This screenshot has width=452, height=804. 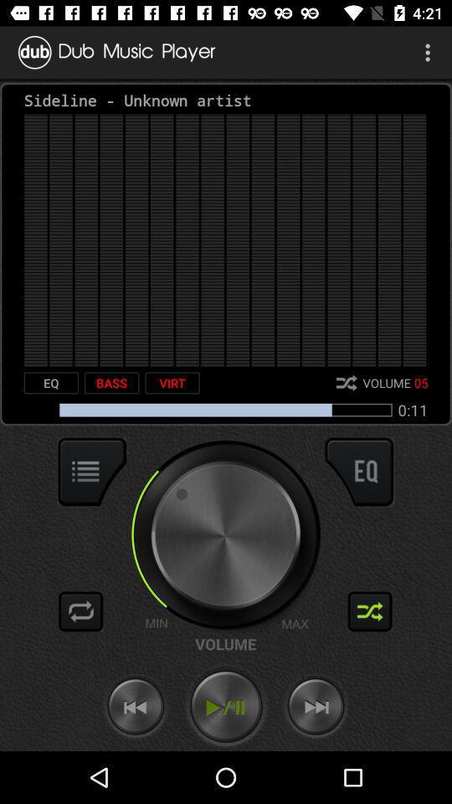 What do you see at coordinates (111, 383) in the screenshot?
I see `the item next to the  virt  item` at bounding box center [111, 383].